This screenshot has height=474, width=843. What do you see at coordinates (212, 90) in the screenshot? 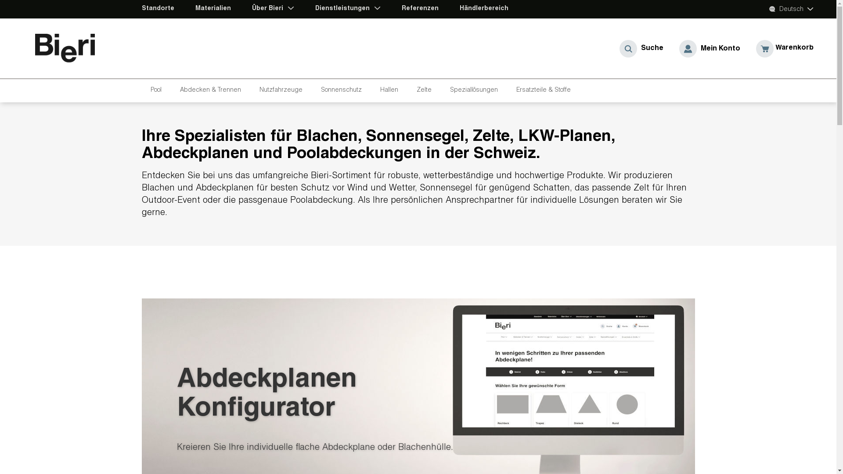
I see `'Abdecken & Trennen'` at bounding box center [212, 90].